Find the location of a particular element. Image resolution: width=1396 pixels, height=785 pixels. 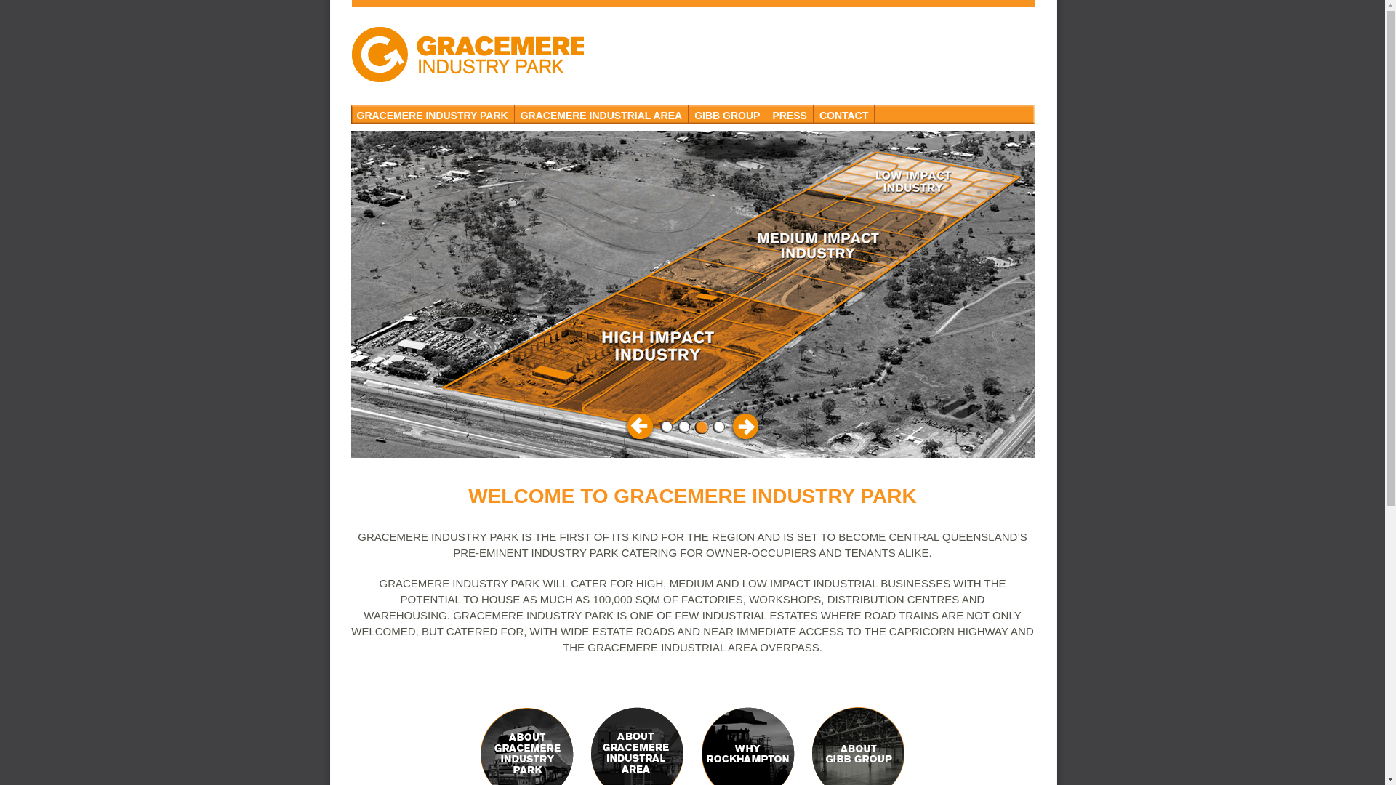

'Prev' is located at coordinates (624, 425).